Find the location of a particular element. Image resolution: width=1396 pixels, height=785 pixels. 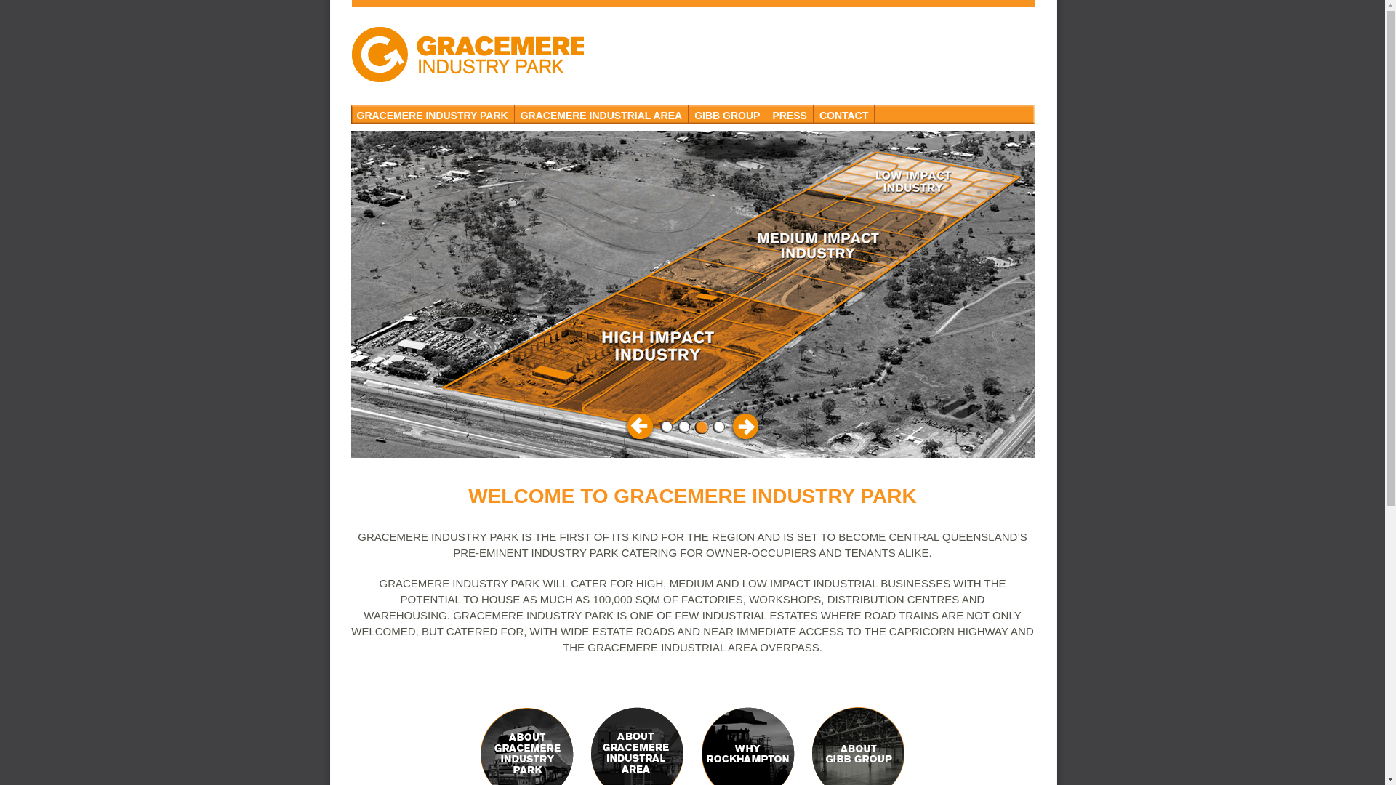

'Prev' is located at coordinates (624, 425).